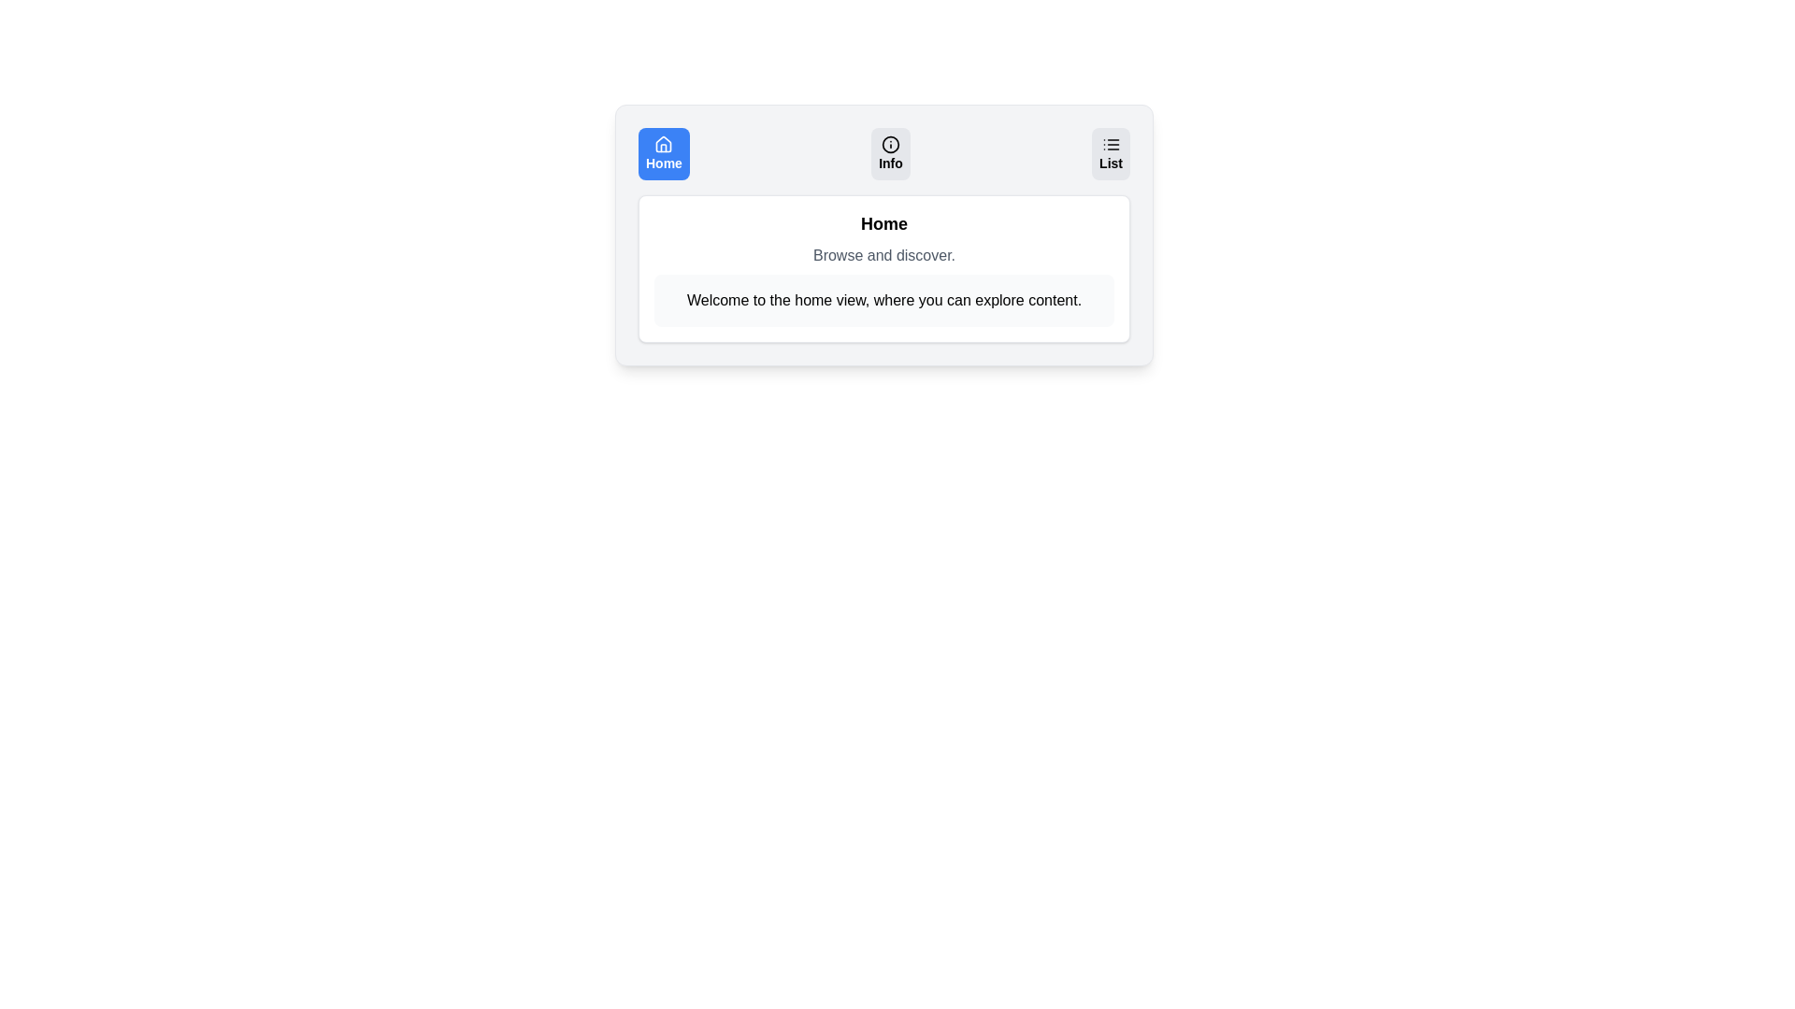 The width and height of the screenshot is (1795, 1009). Describe the element at coordinates (1111, 143) in the screenshot. I see `the icon associated with the List tab` at that location.